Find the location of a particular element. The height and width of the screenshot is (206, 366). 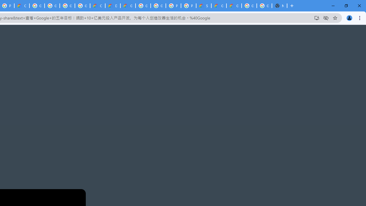

'Google Cloud Service Health' is located at coordinates (234, 6).